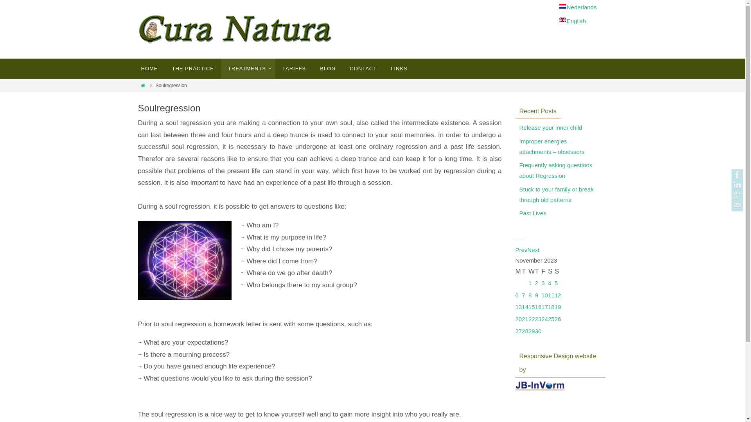 The image size is (751, 422). I want to click on '29', so click(532, 331).